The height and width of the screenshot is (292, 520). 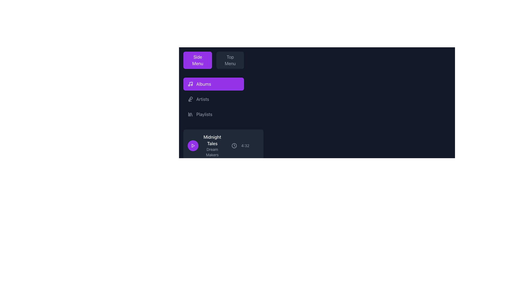 I want to click on the label indicating duration or time located at the bottom-right corner of the card for 'Midnight Tales Dream Makers', positioned between the clock icon and a vertical ellipsis icon, so click(x=240, y=145).